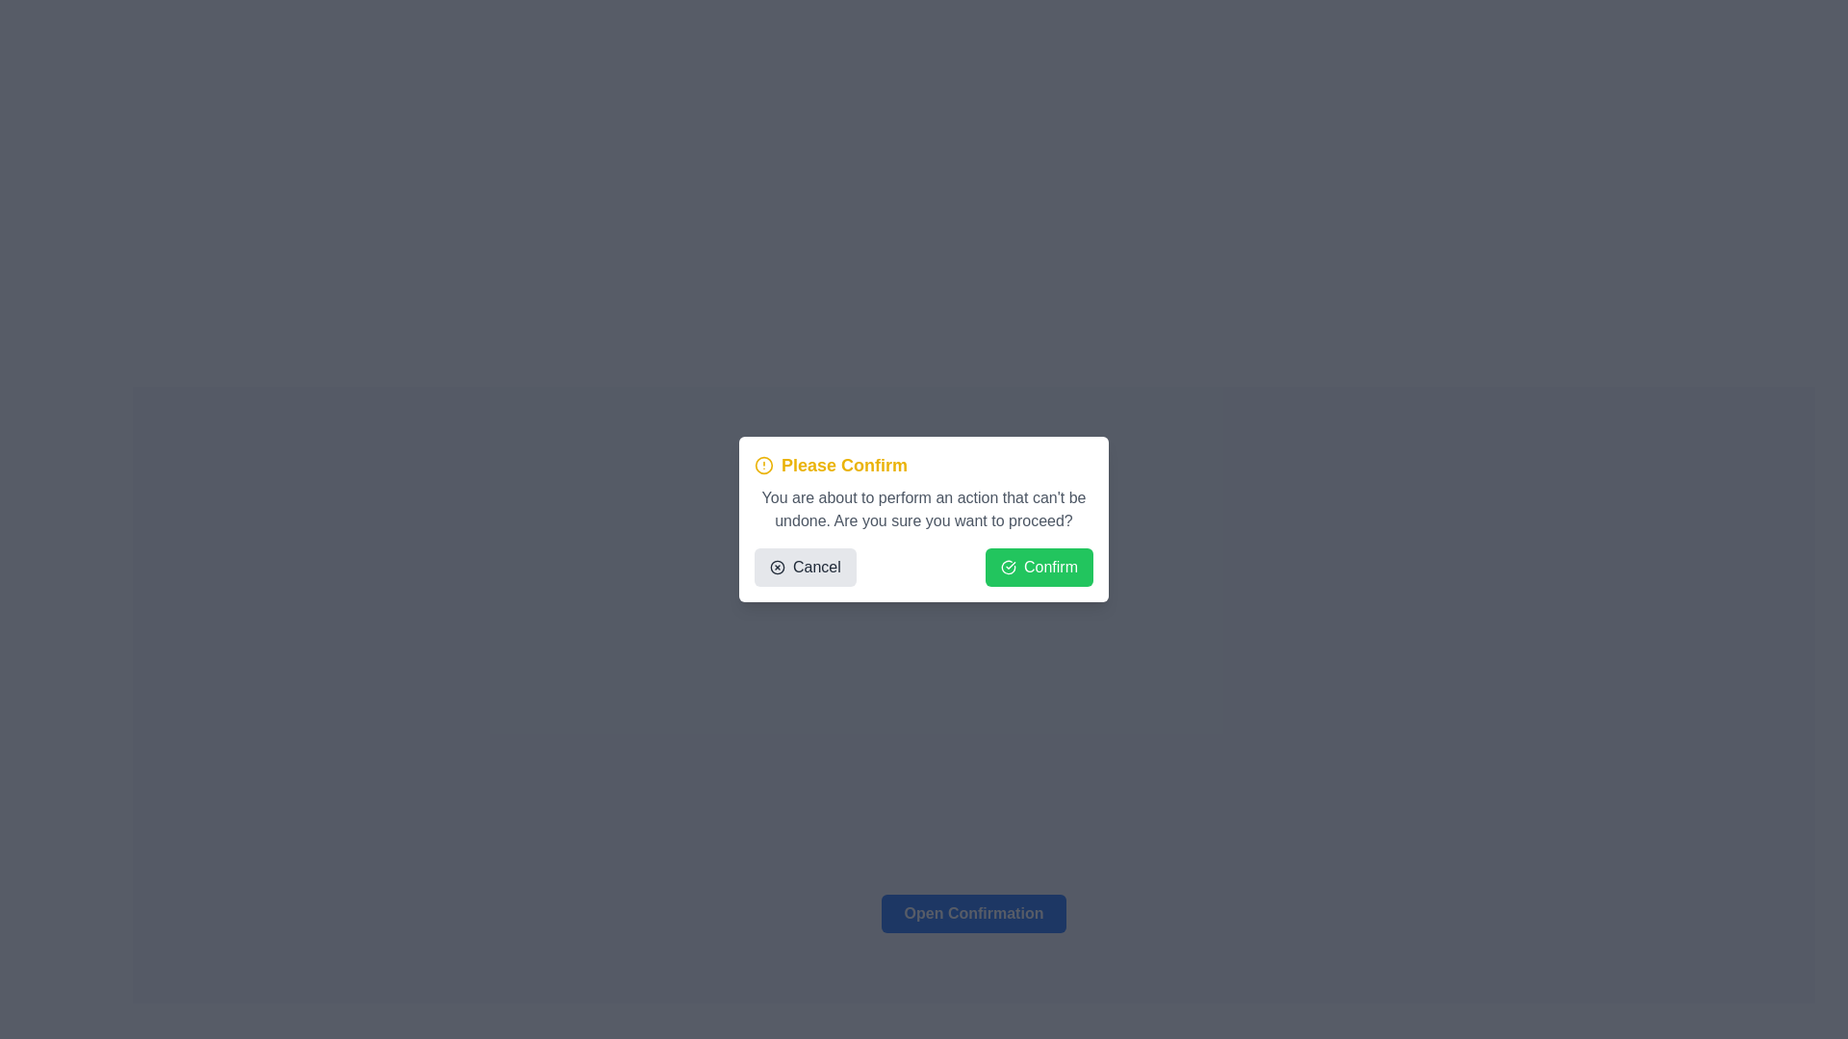  I want to click on the circular warning icon within the 'Please Confirm' modal dialog, which serves as a visual indication of an alert state, so click(762, 465).